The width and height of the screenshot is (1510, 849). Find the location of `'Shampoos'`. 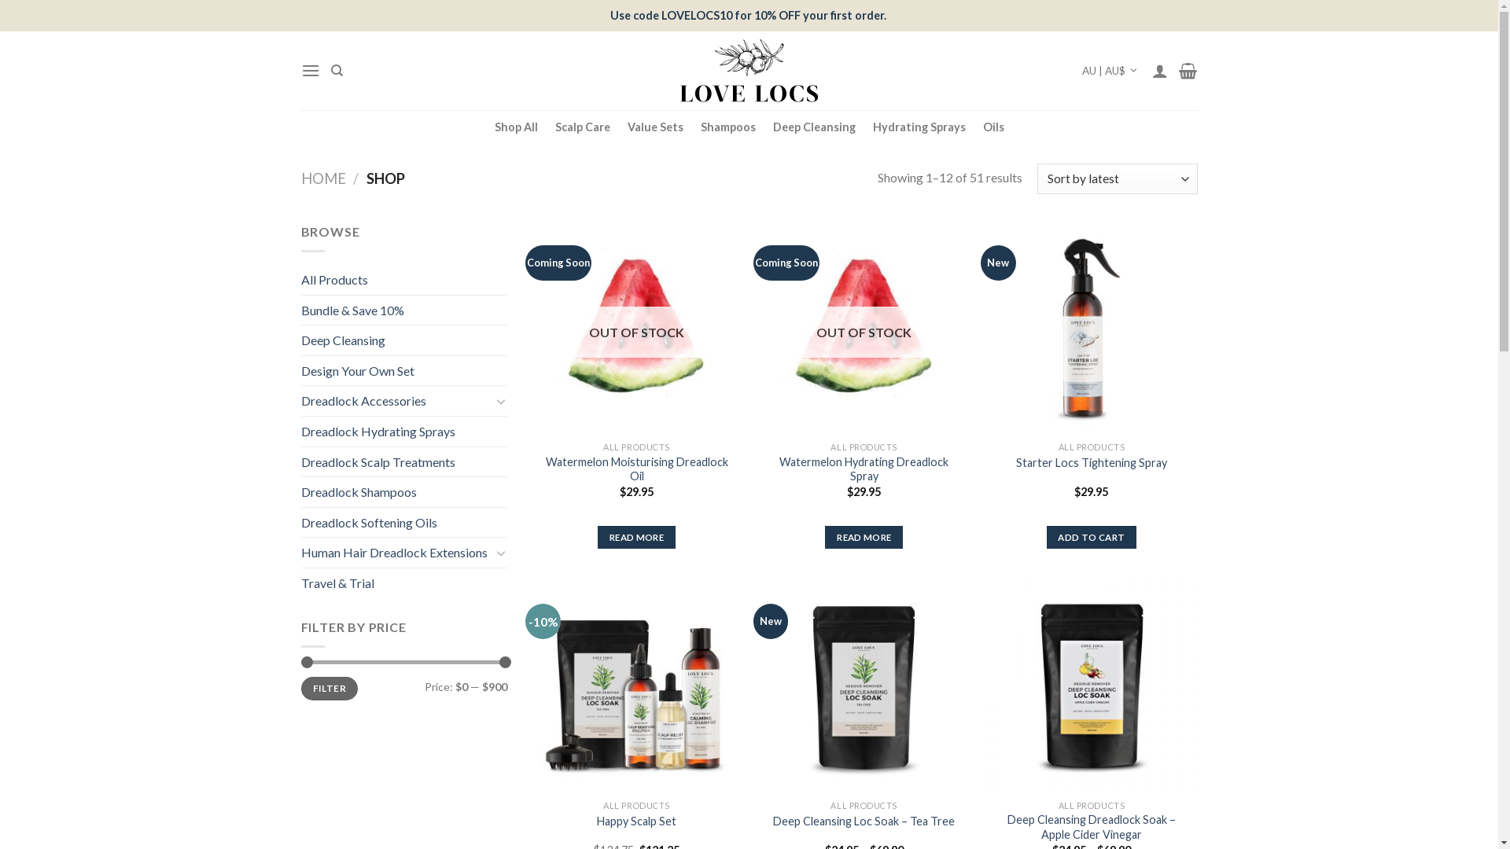

'Shampoos' is located at coordinates (727, 126).